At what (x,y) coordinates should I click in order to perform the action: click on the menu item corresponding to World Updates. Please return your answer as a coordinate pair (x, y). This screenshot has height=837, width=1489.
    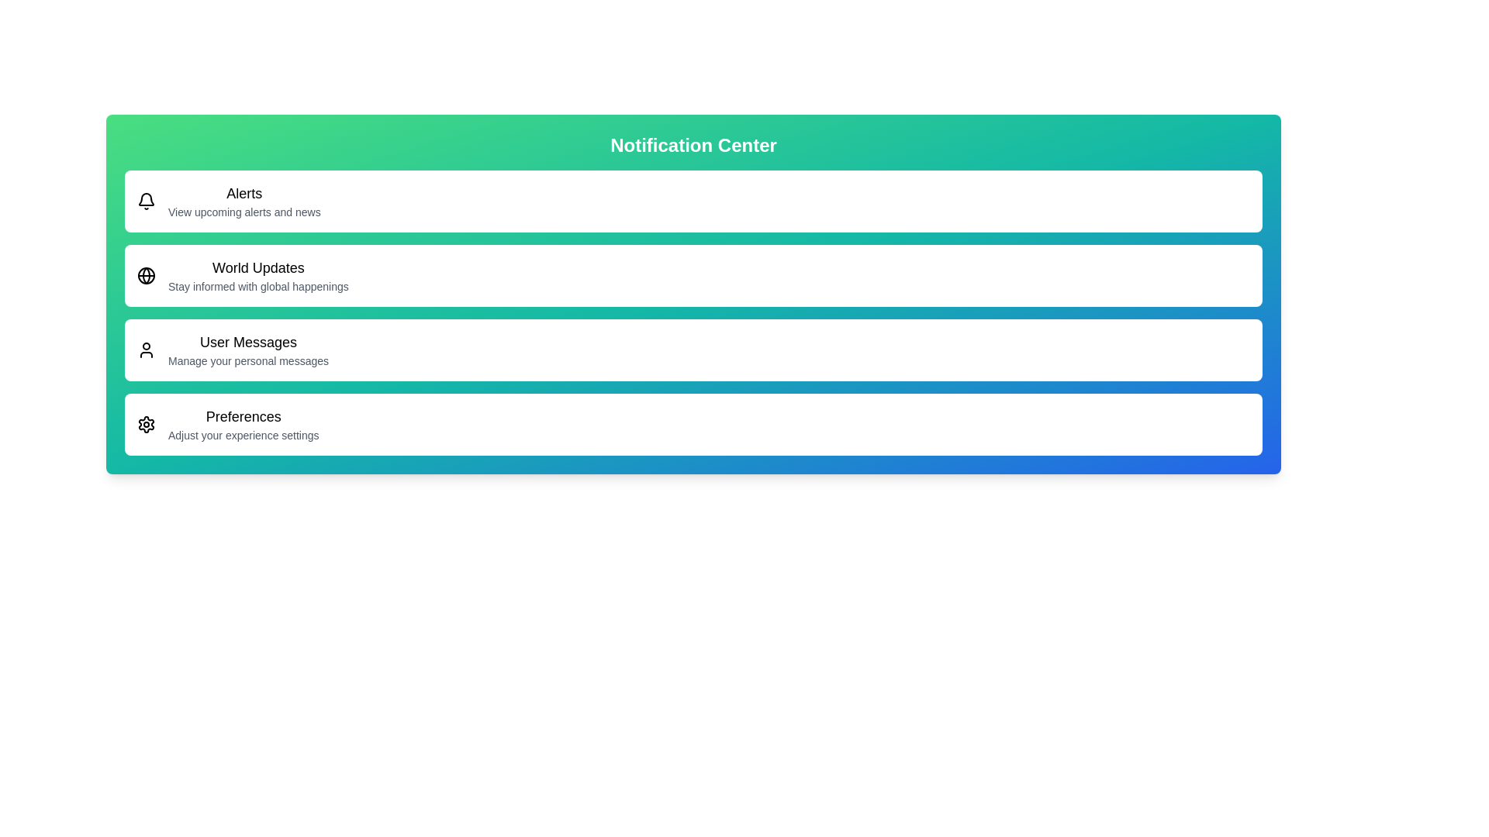
    Looking at the image, I should click on (693, 274).